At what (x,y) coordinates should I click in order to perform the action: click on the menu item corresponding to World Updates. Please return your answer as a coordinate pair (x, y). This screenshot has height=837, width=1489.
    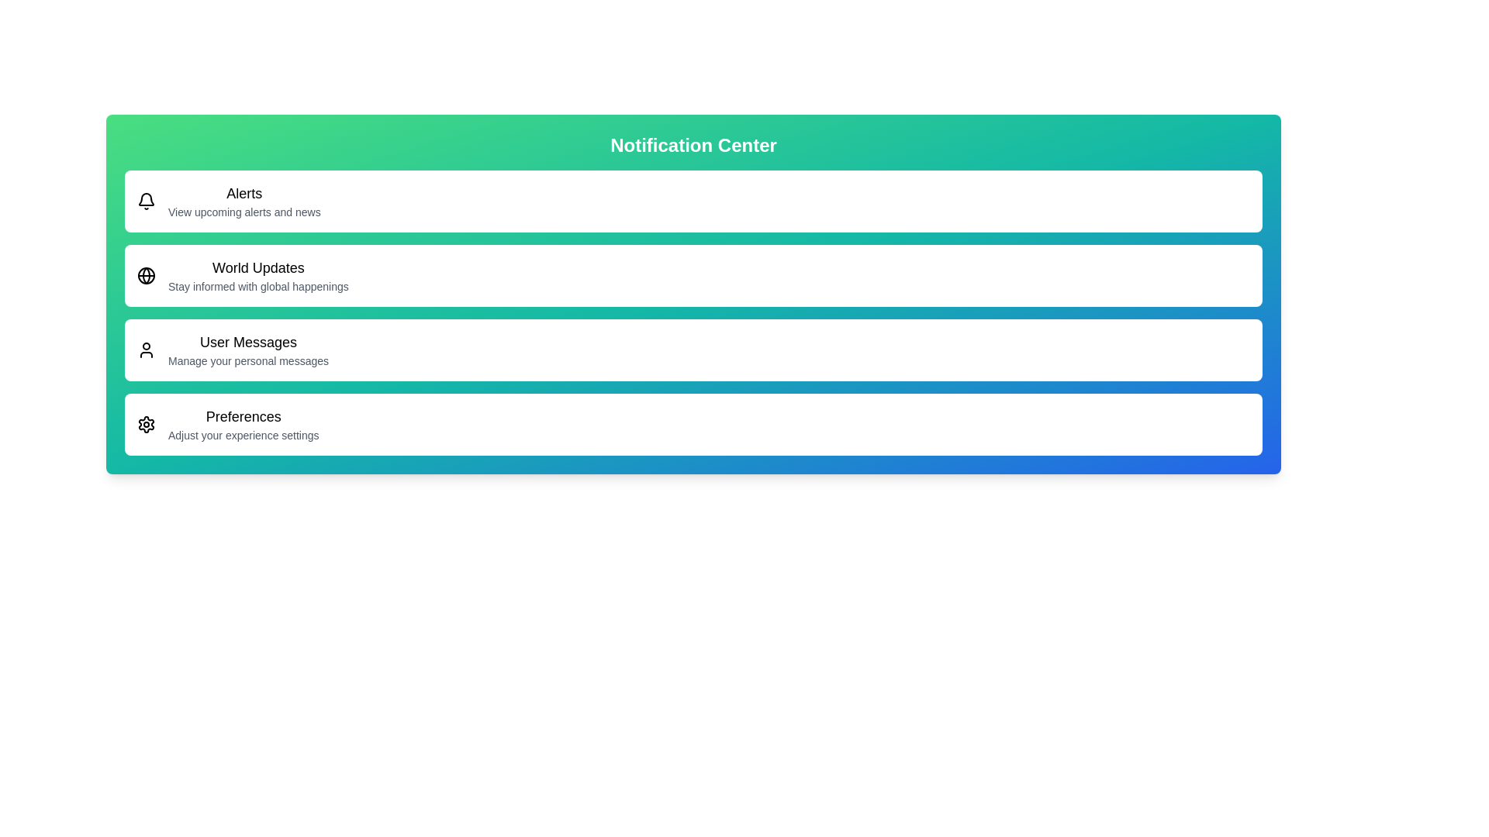
    Looking at the image, I should click on (693, 274).